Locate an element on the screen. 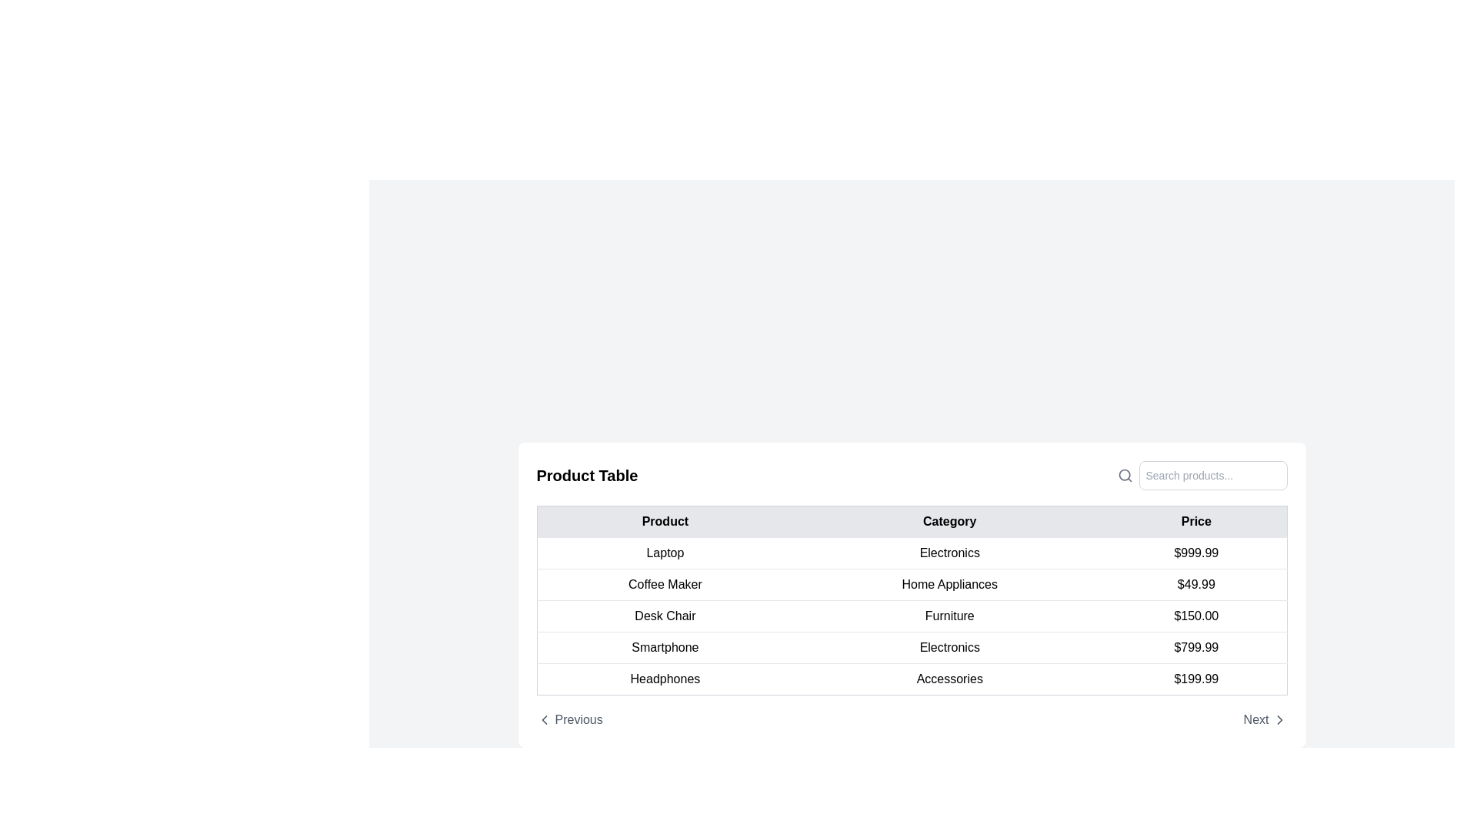  text of the 'Price' column header in the table, which is the third header in the row, located near the top-right corner of the table is located at coordinates (1195, 520).